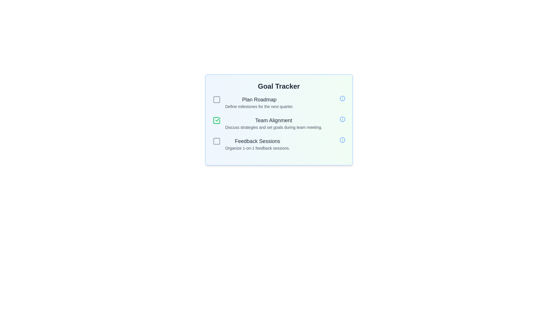 Image resolution: width=554 pixels, height=312 pixels. What do you see at coordinates (259, 107) in the screenshot?
I see `the text element that reads 'Define milestones for the next quarter.', which is styled with a small font size and gray color, positioned below the header 'Plan Roadmap'` at bounding box center [259, 107].